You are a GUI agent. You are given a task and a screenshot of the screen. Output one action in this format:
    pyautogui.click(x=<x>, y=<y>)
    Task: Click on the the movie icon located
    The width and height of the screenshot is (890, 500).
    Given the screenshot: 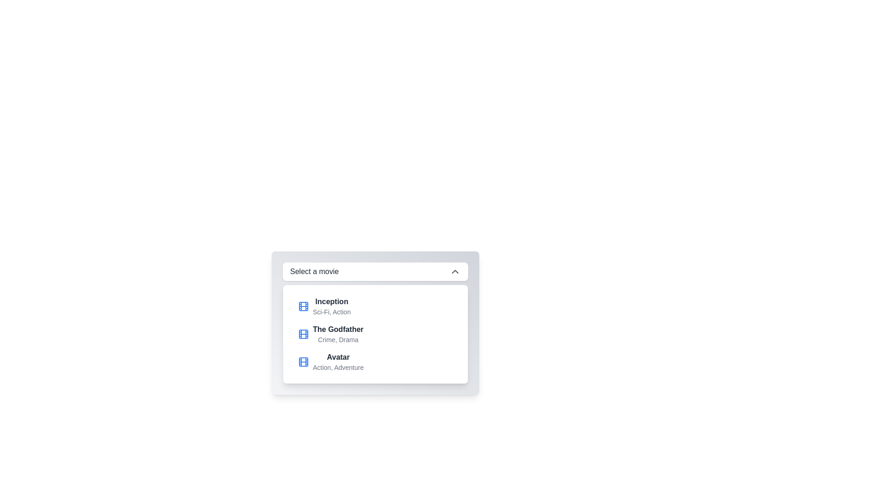 What is the action you would take?
    pyautogui.click(x=303, y=362)
    